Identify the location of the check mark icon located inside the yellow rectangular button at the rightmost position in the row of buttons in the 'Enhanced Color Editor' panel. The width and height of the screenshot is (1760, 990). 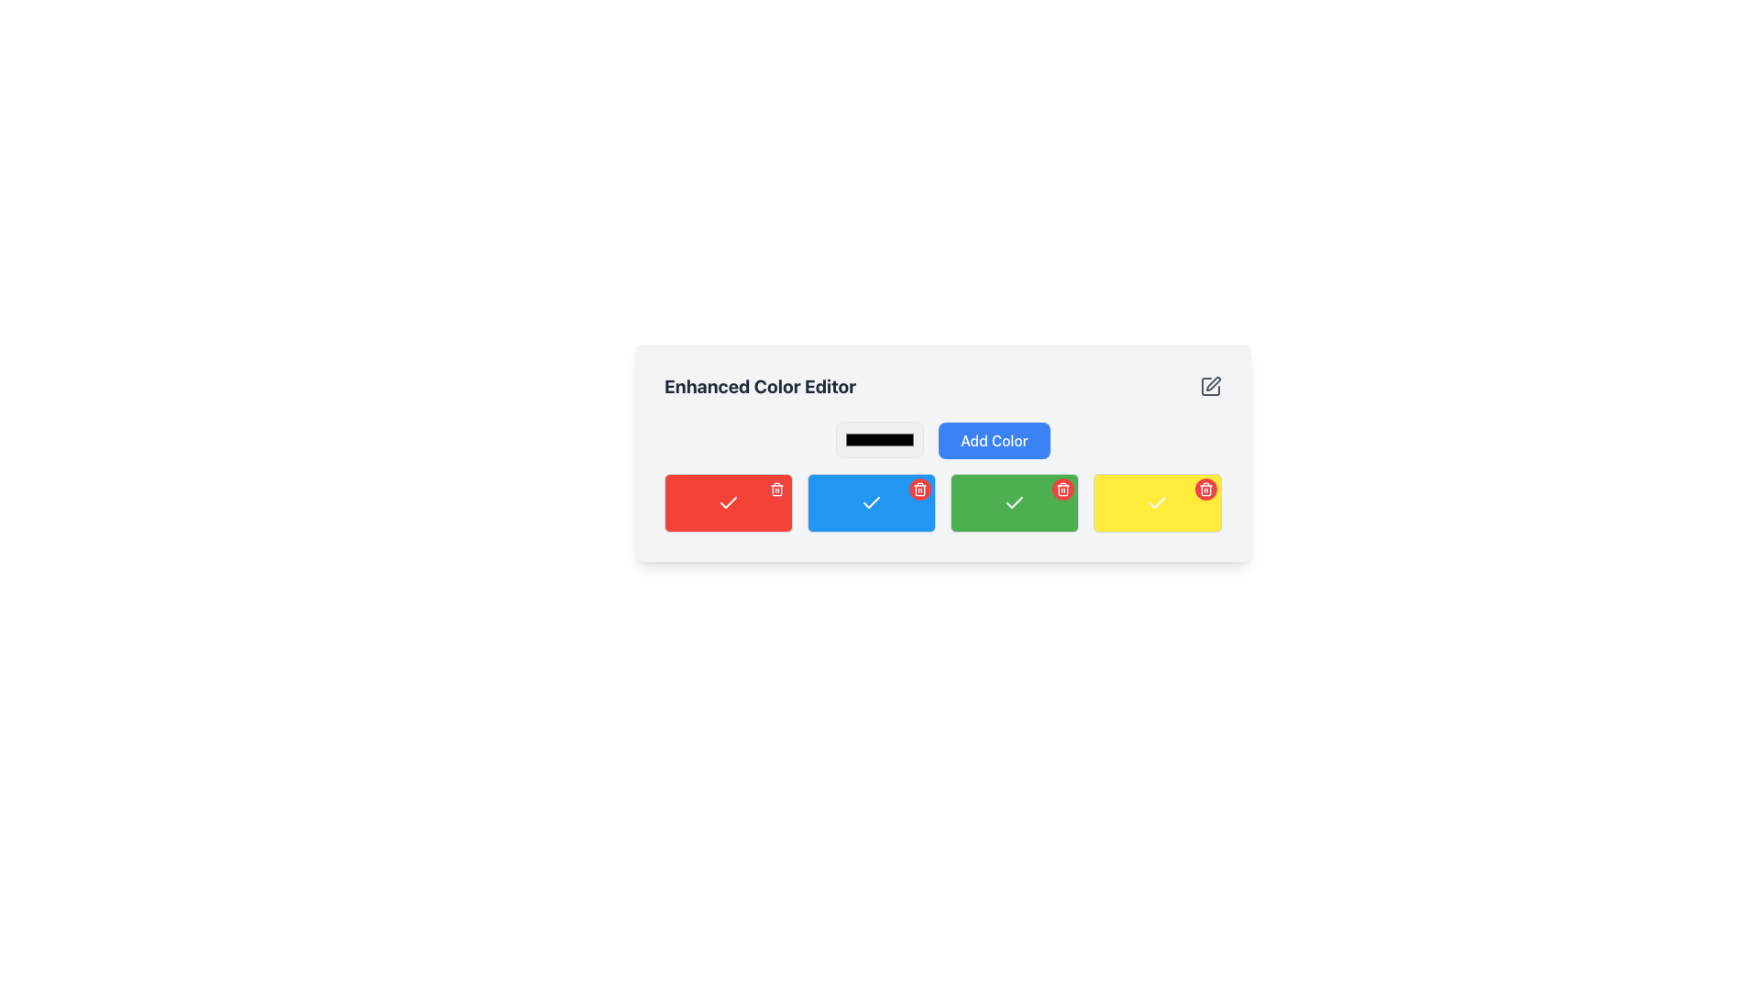
(1156, 501).